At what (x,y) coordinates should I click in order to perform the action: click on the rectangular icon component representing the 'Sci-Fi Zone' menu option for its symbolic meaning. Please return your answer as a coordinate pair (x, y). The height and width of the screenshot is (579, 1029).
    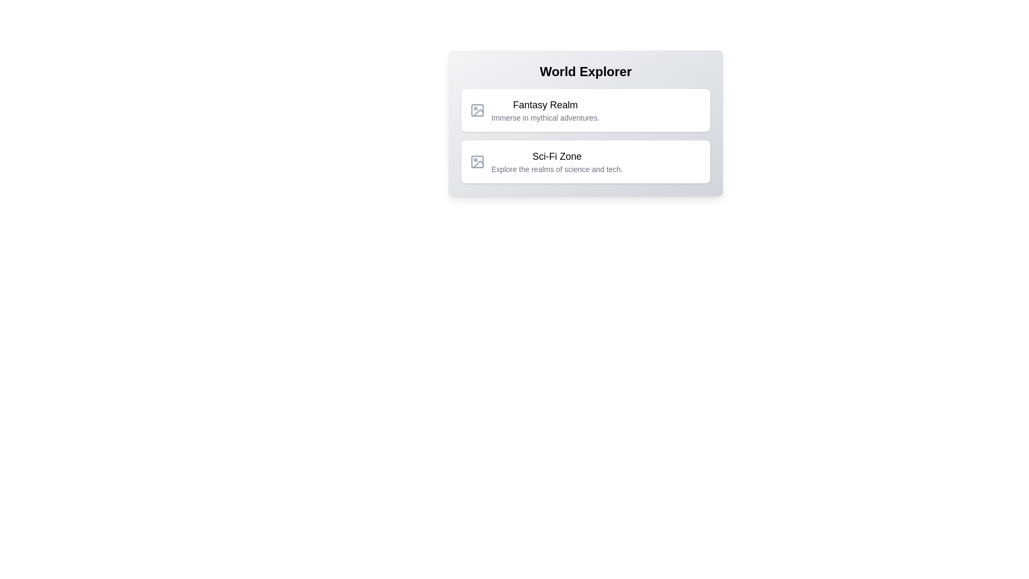
    Looking at the image, I should click on (477, 161).